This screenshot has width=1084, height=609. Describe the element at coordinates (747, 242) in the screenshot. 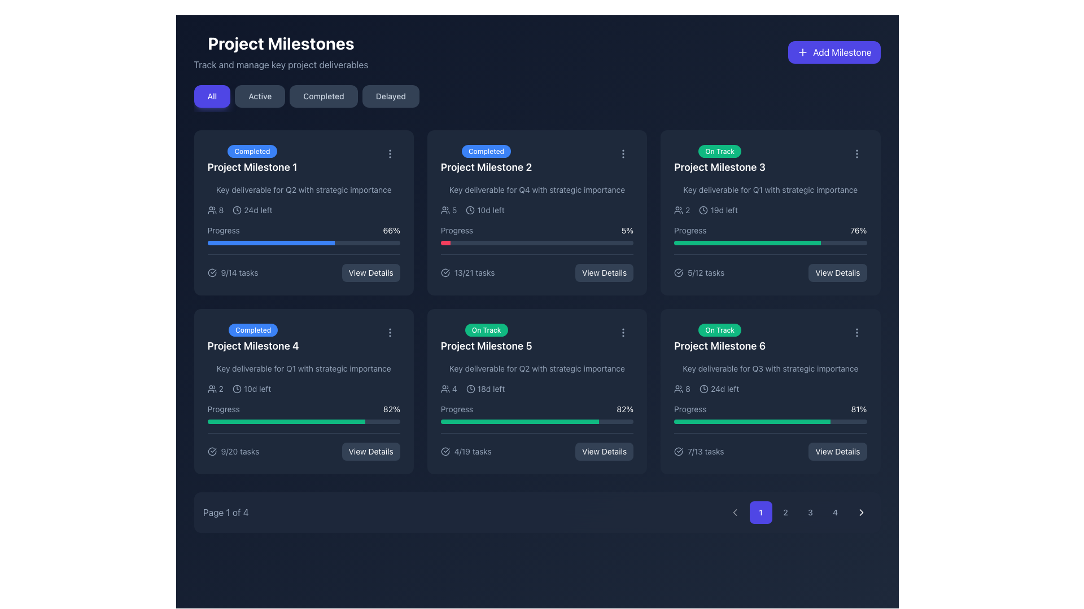

I see `the progress indicator of the green progress bar located in the 'Project Milestone 3' card, which represents a progress percentage filled to 76%` at that location.